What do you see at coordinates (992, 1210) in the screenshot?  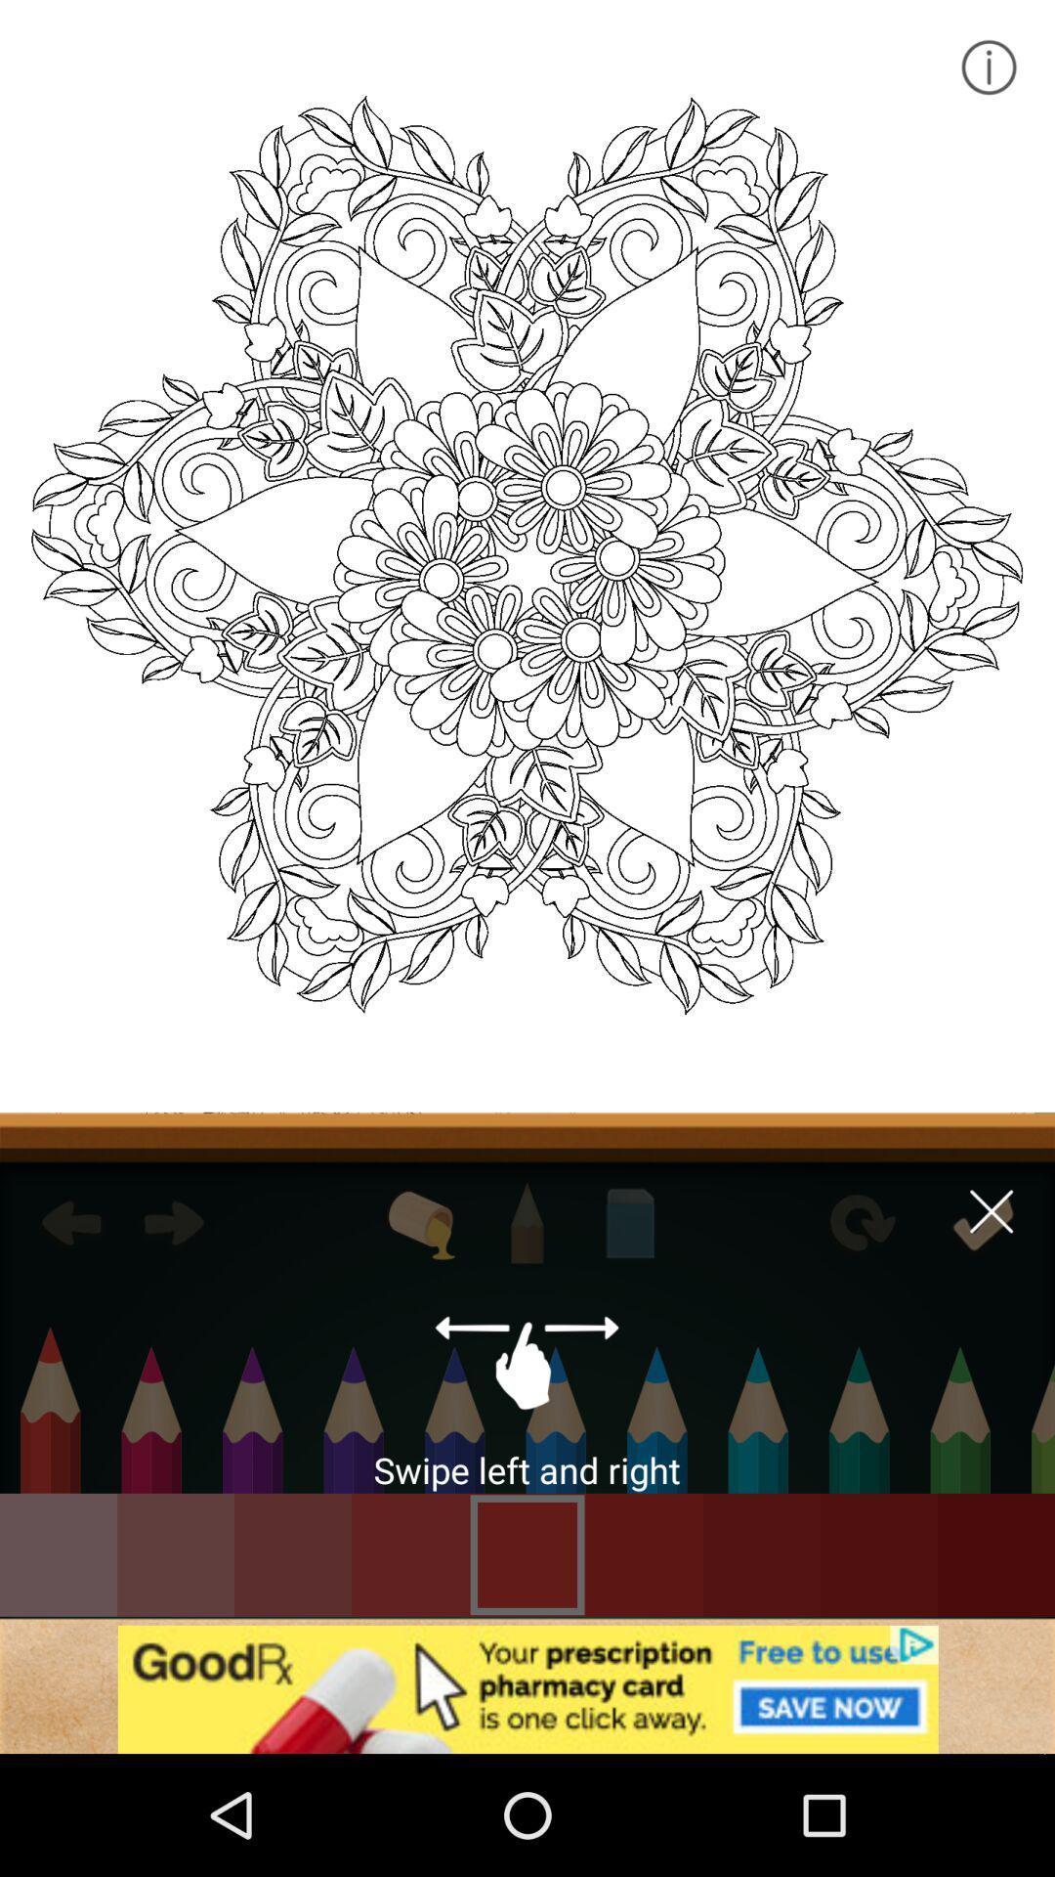 I see `the close icon` at bounding box center [992, 1210].